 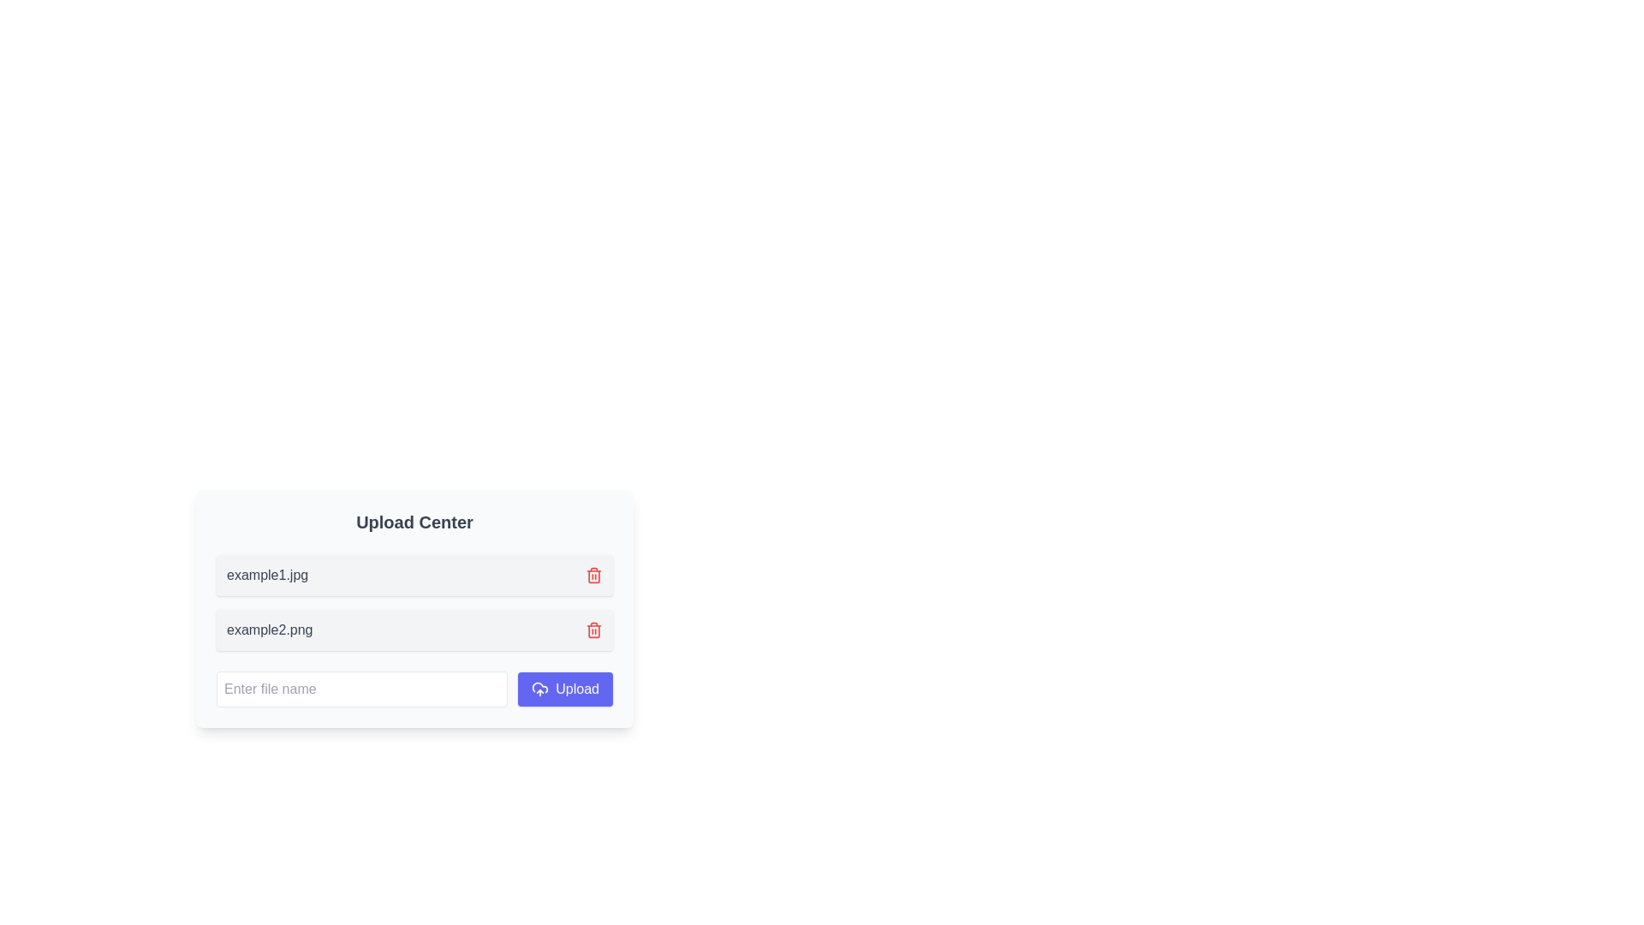 I want to click on the text label displaying 'example2.png' in gray font within the 'Upload Center' interface, so click(x=269, y=630).